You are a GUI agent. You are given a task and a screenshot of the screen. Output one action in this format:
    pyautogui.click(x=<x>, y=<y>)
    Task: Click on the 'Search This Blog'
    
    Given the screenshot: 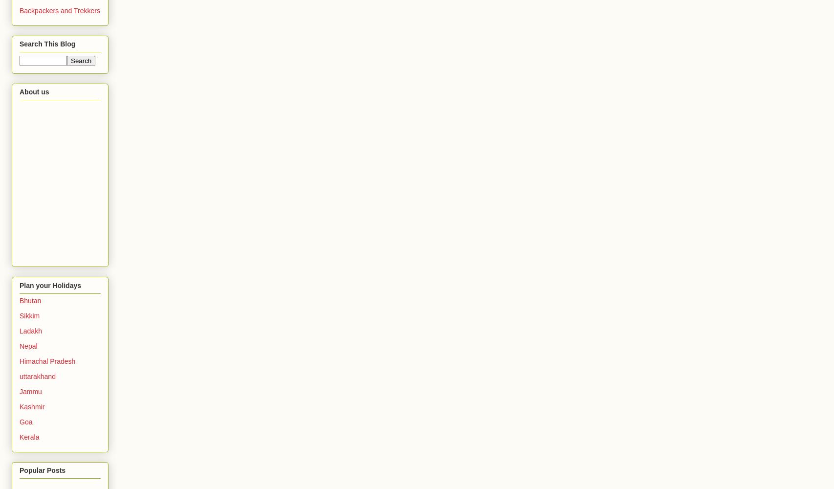 What is the action you would take?
    pyautogui.click(x=19, y=44)
    